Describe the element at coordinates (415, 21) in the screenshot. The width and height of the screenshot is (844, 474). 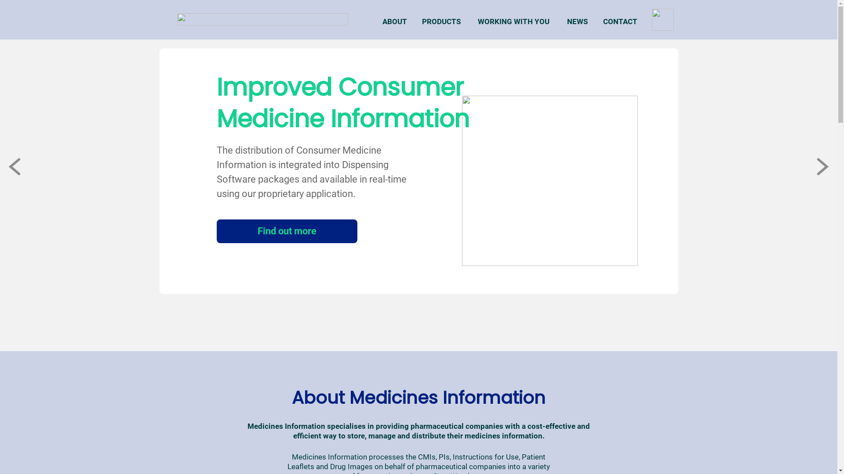
I see `'PRODUCTS'` at that location.